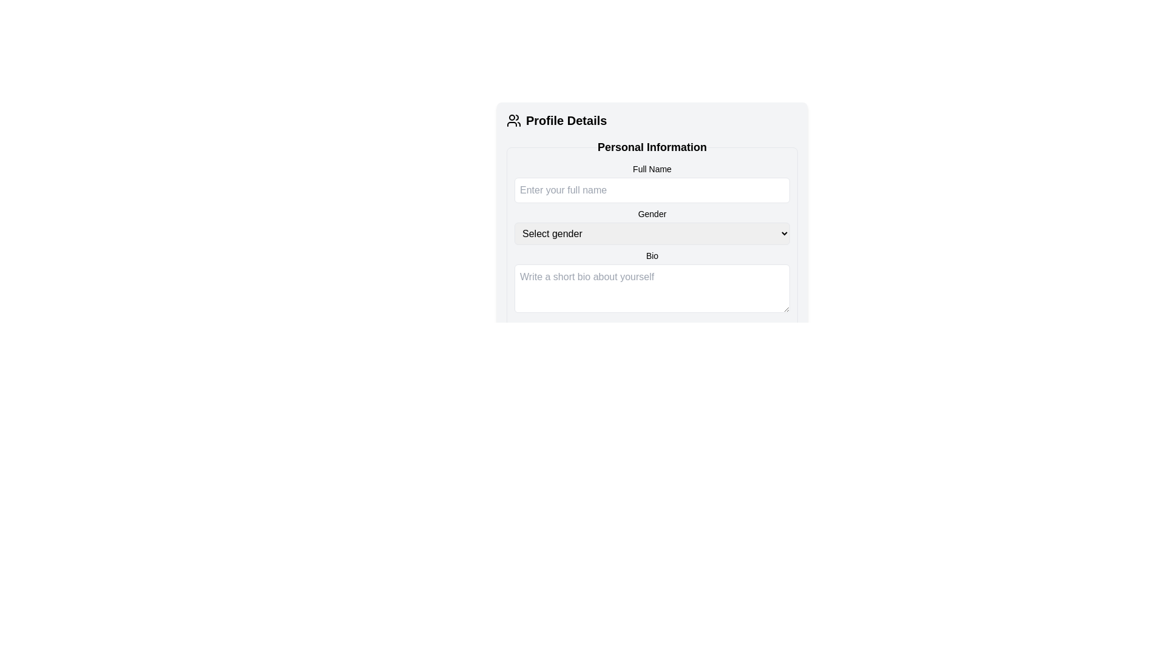 The image size is (1165, 655). Describe the element at coordinates (652, 255) in the screenshot. I see `the static text label reading 'Bio', which is positioned above the textarea input field in the middle section of the form under the 'Select gender' dropdown` at that location.